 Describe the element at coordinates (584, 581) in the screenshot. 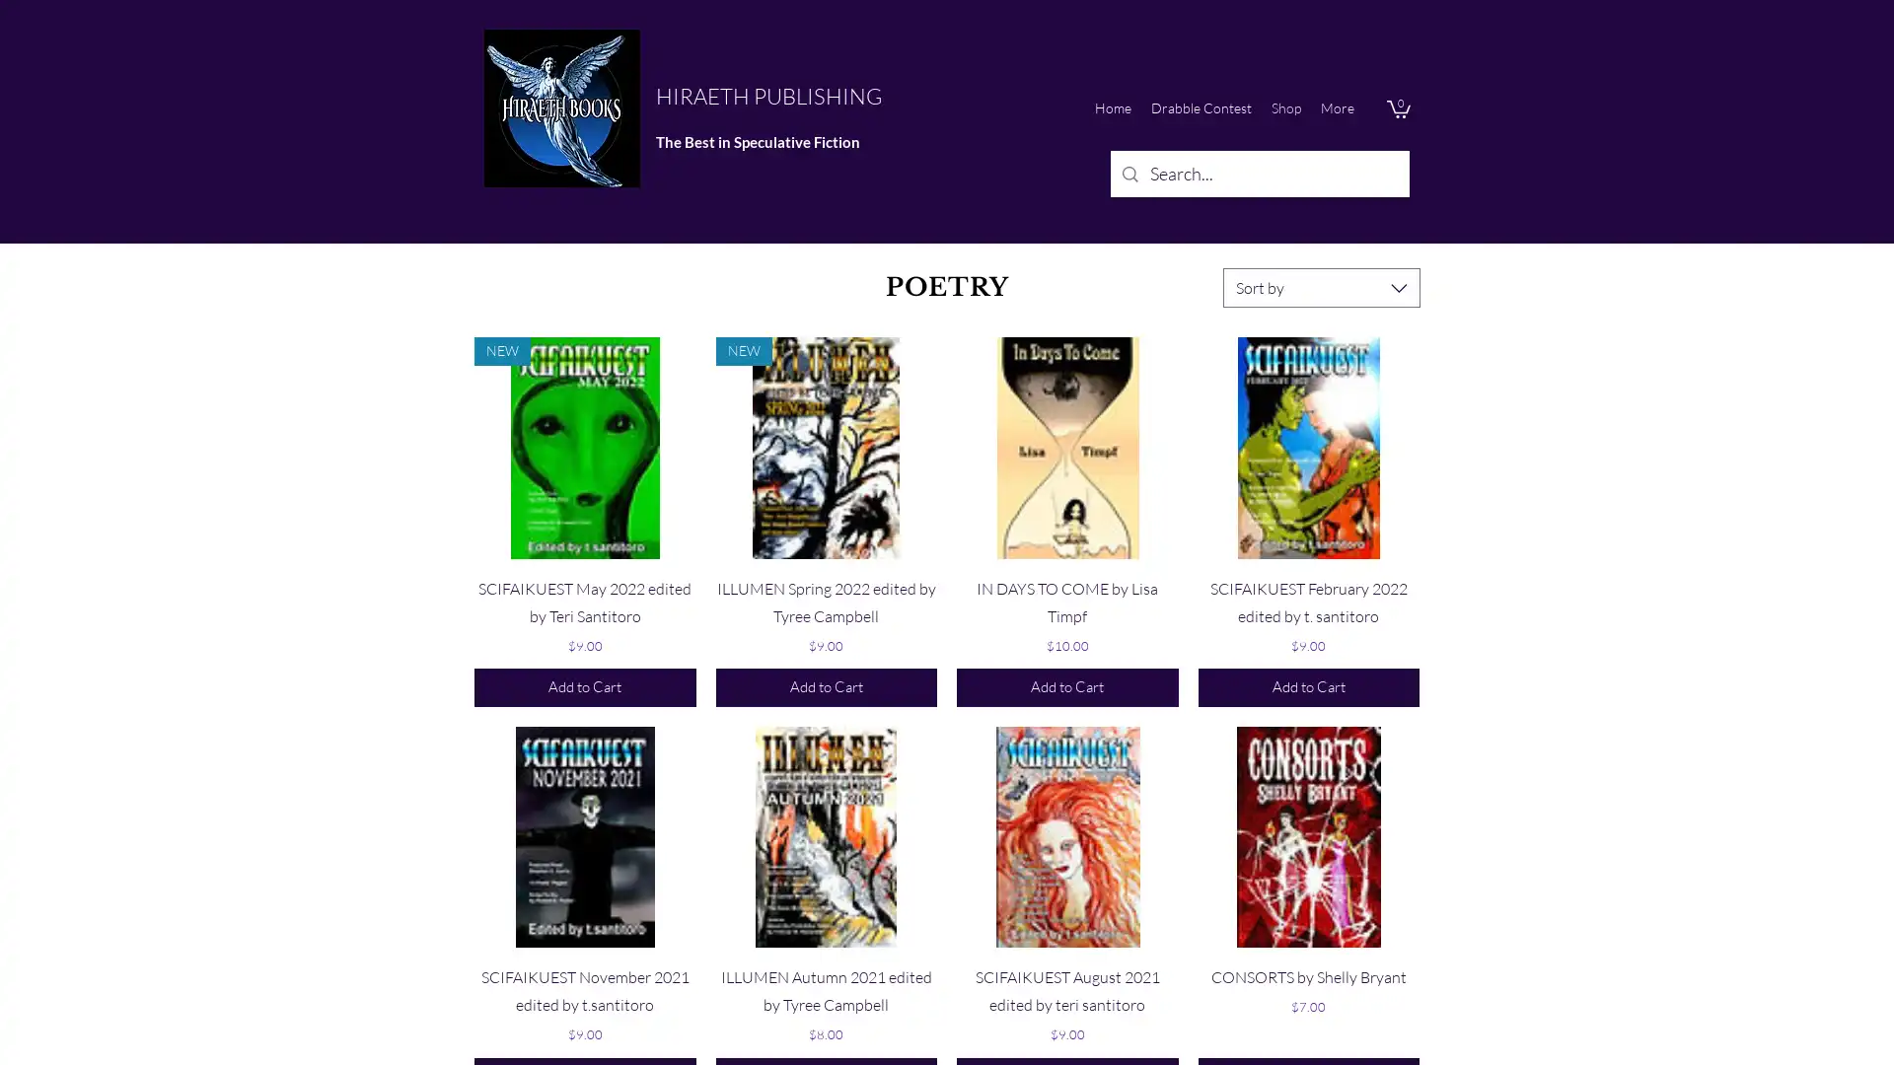

I see `Quick View` at that location.